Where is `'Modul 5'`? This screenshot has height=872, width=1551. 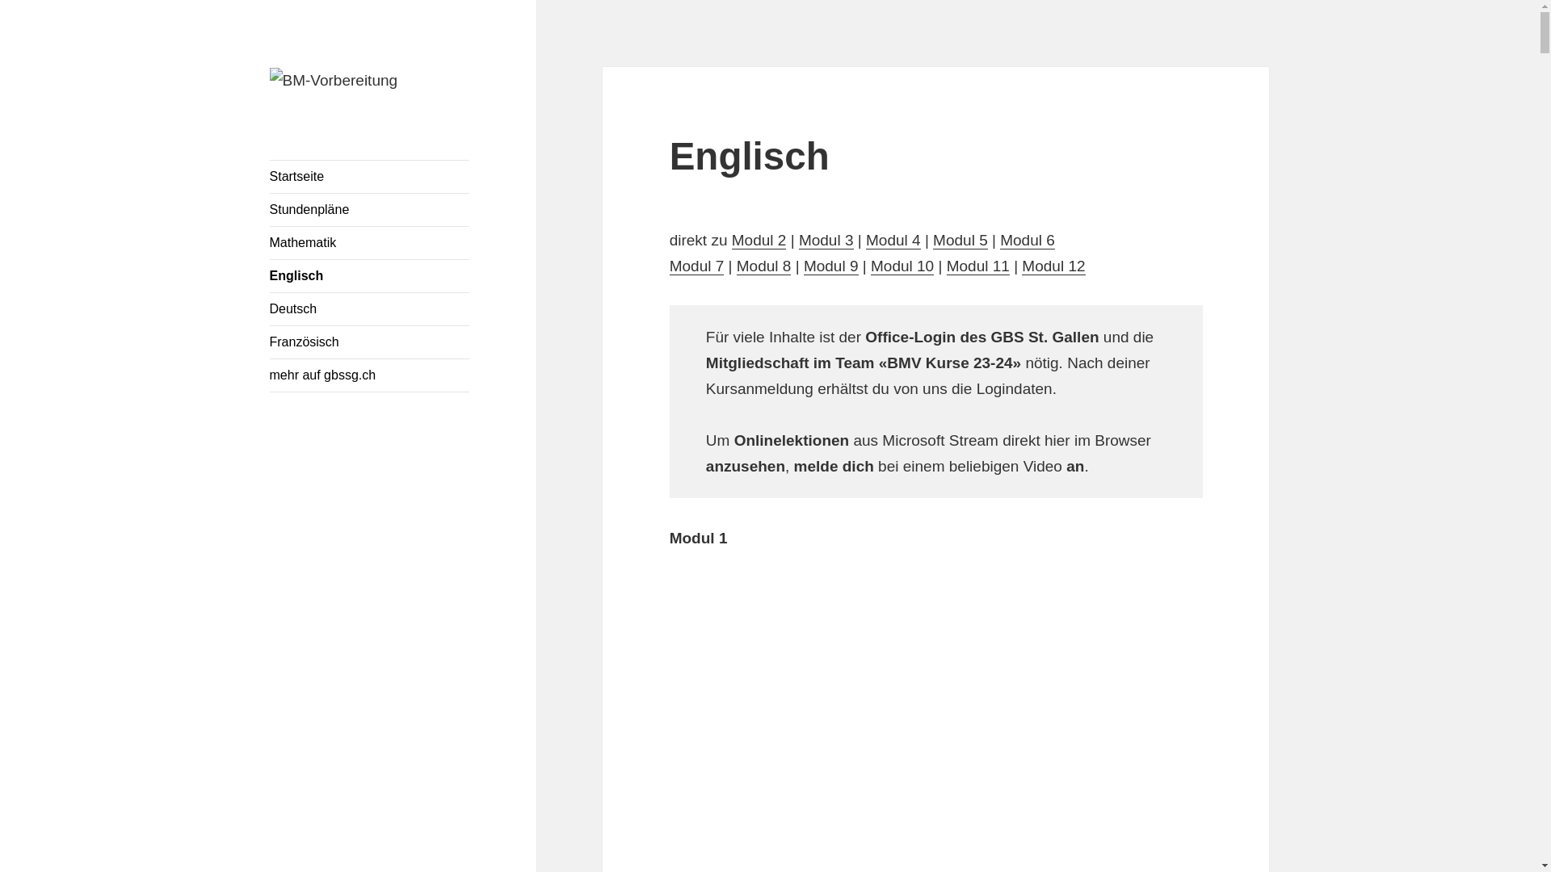 'Modul 5' is located at coordinates (960, 240).